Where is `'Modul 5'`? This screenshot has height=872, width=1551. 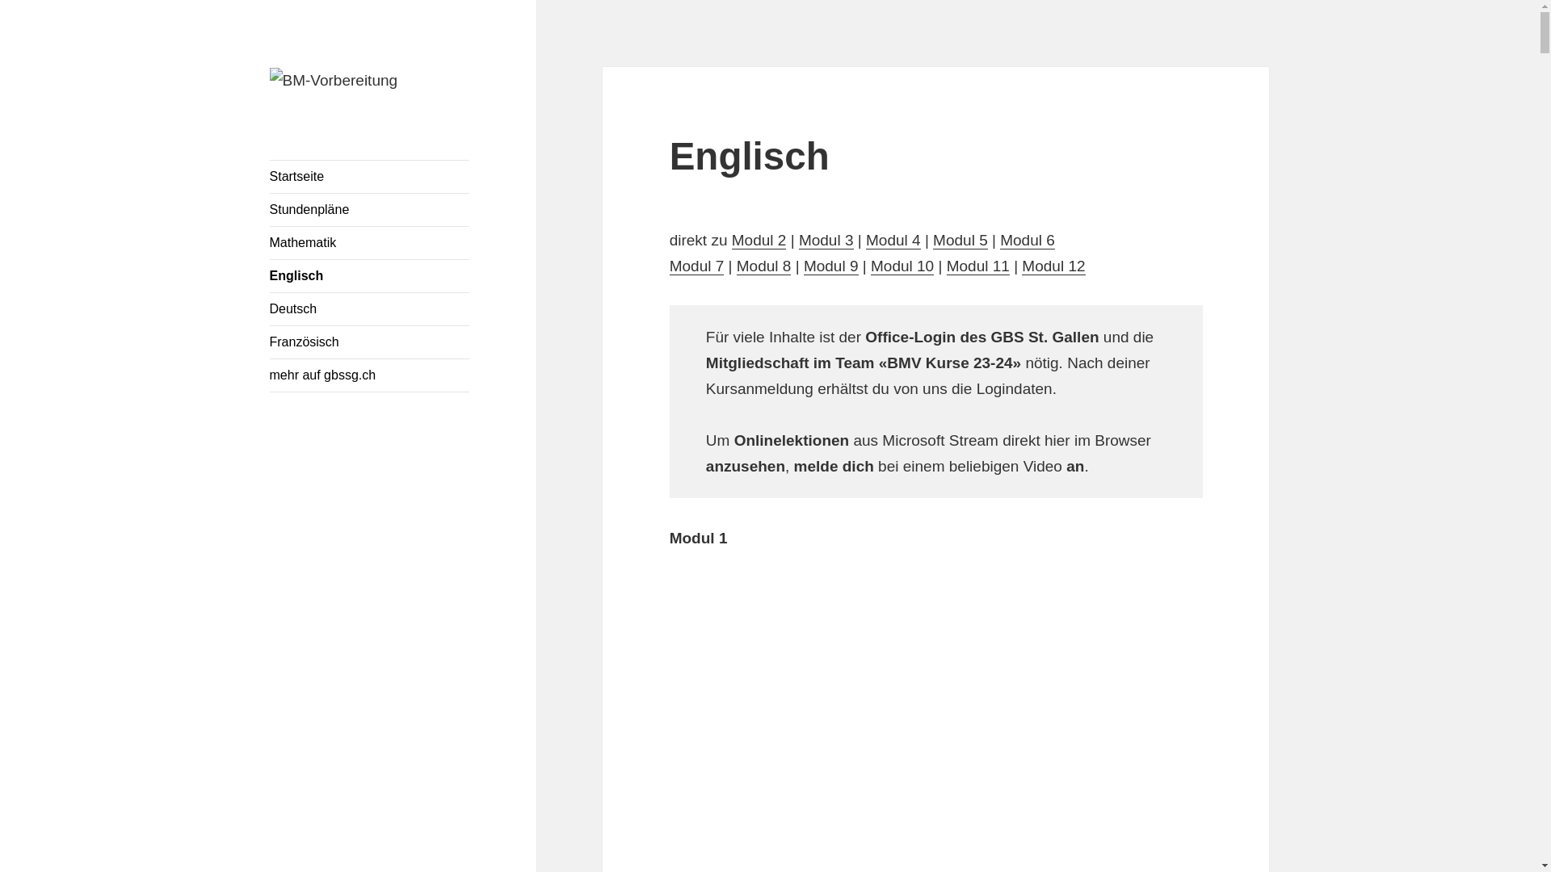 'Modul 5' is located at coordinates (960, 240).